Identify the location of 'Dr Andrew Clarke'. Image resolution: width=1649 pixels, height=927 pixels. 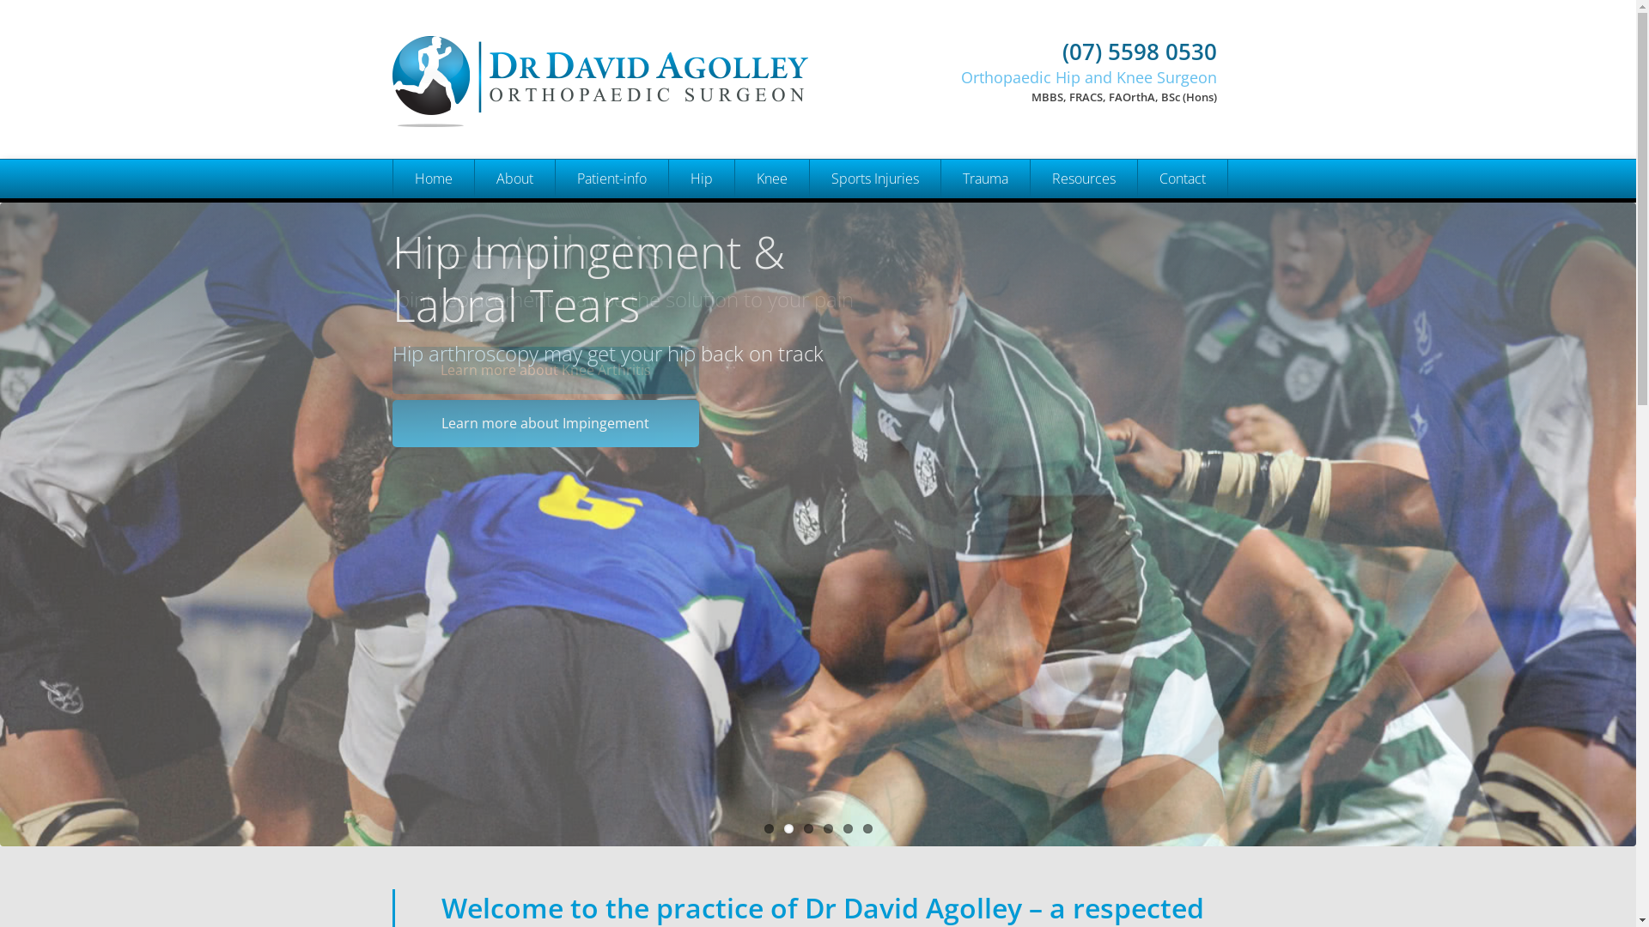
(514, 256).